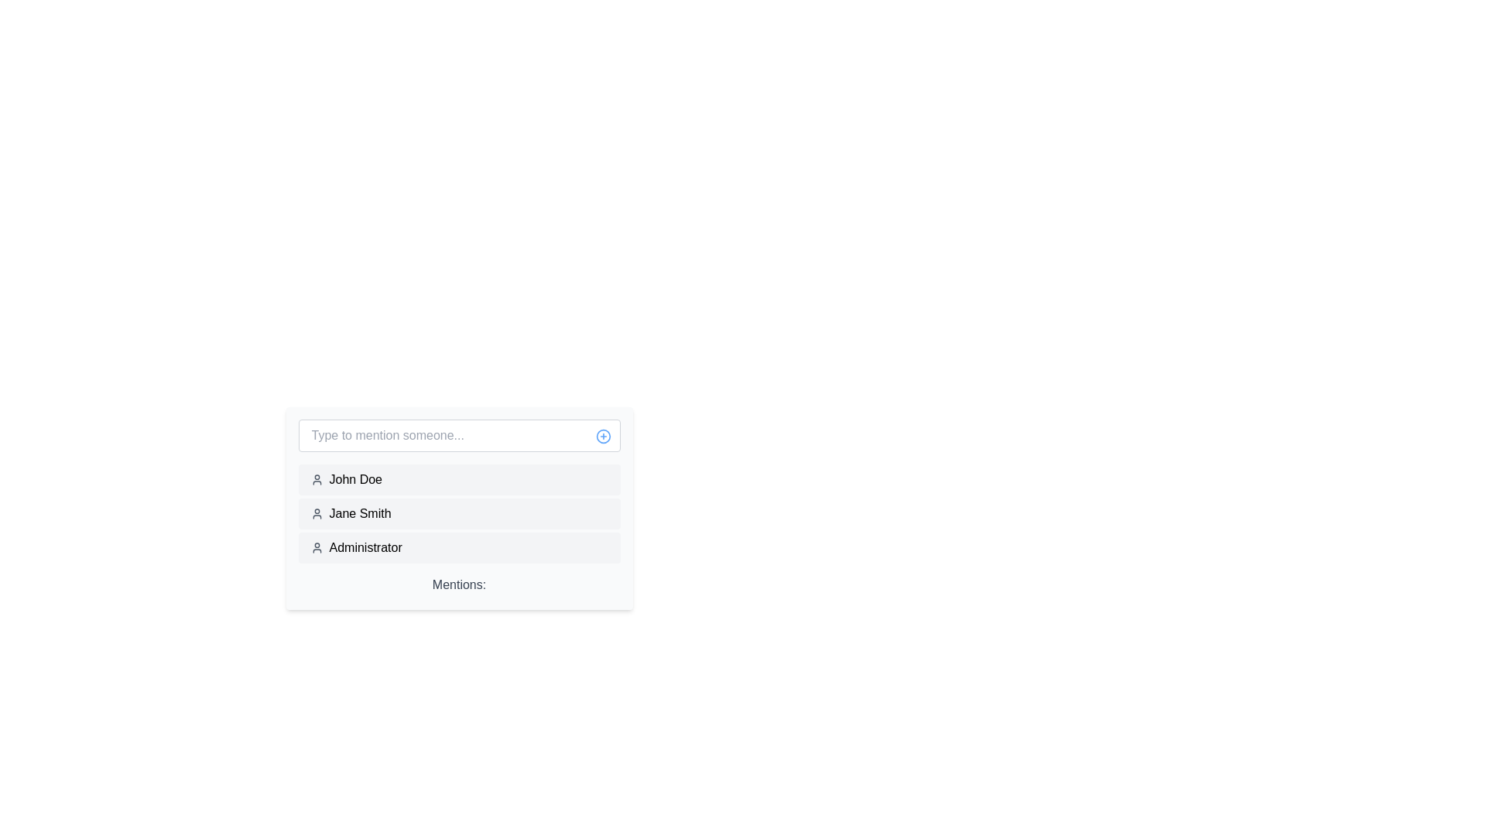 The width and height of the screenshot is (1486, 836). What do you see at coordinates (354, 479) in the screenshot?
I see `the text label displaying 'John Doe', which is aligned to the right of a user profile icon, located within a selectable list item at the top of the list` at bounding box center [354, 479].